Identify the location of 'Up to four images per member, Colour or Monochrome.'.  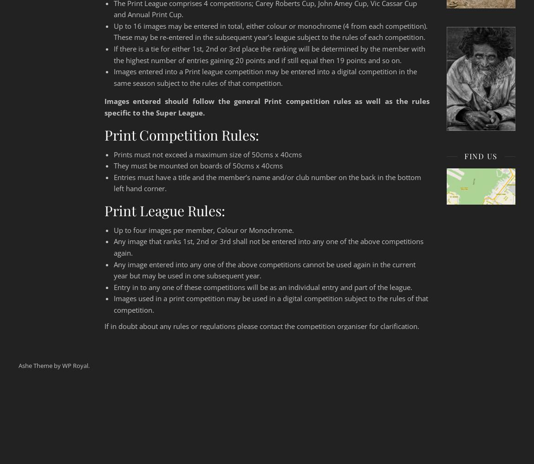
(203, 229).